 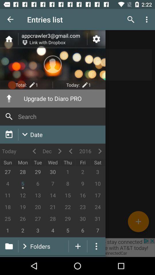 I want to click on the number which is below 30 and after 5, so click(x=82, y=231).